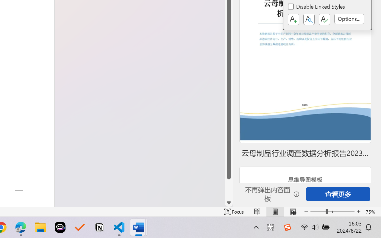 This screenshot has height=238, width=381. What do you see at coordinates (275, 212) in the screenshot?
I see `'Print Layout'` at bounding box center [275, 212].